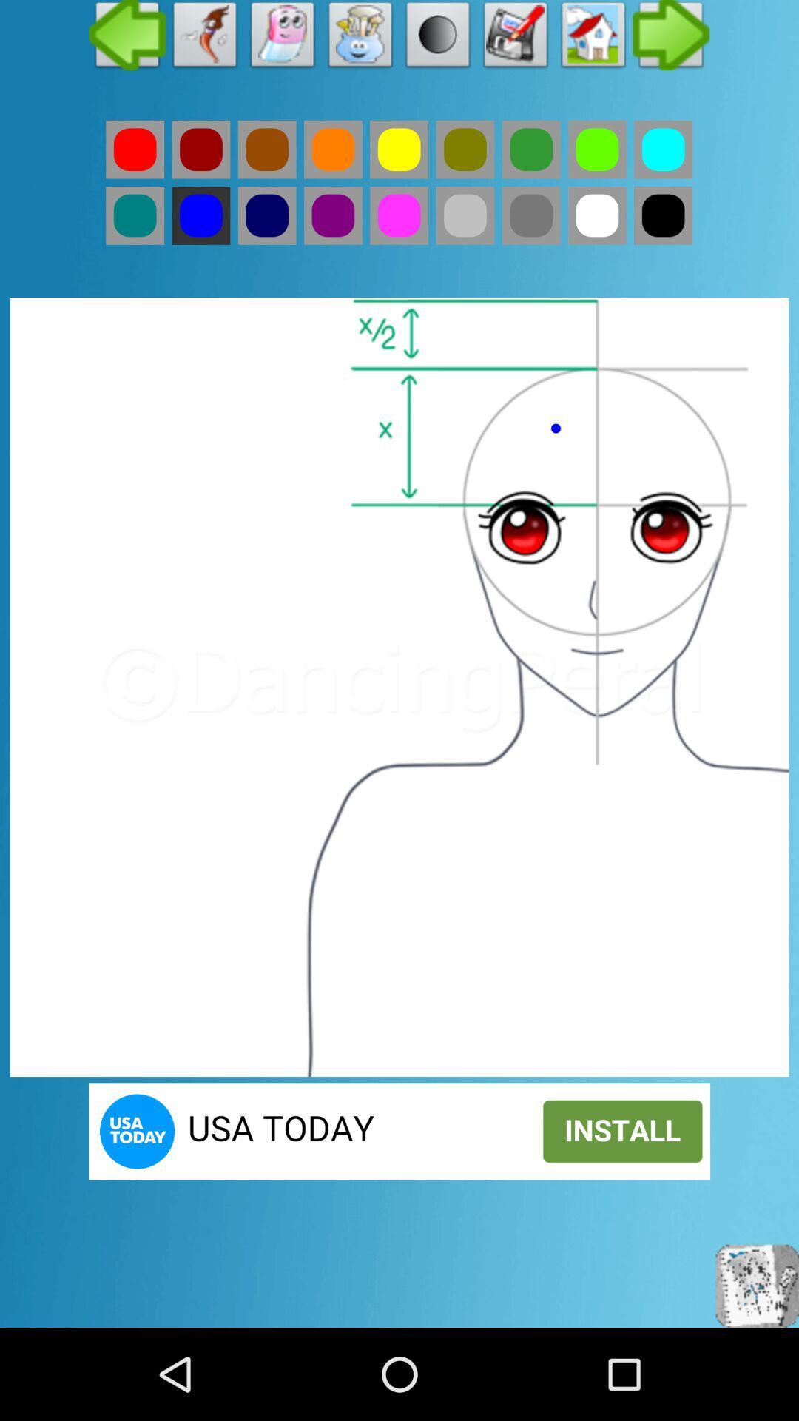 The width and height of the screenshot is (799, 1421). Describe the element at coordinates (596, 215) in the screenshot. I see `to color option` at that location.